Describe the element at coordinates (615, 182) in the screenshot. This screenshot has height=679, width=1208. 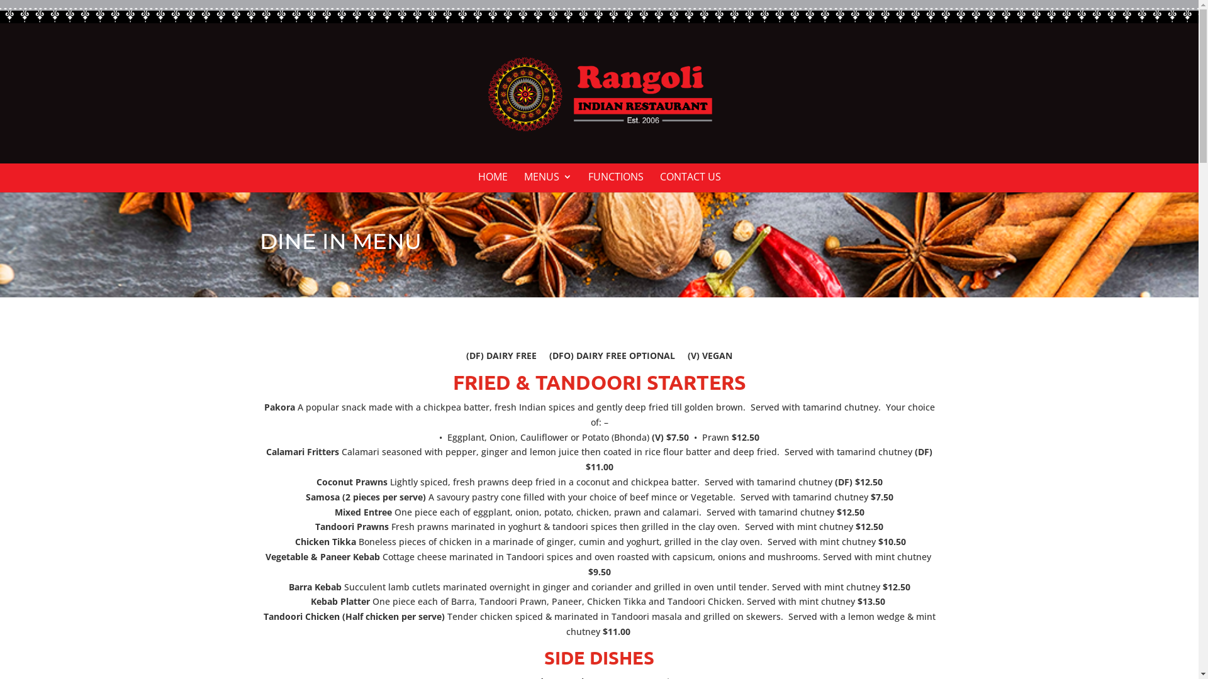
I see `'FUNCTIONS'` at that location.